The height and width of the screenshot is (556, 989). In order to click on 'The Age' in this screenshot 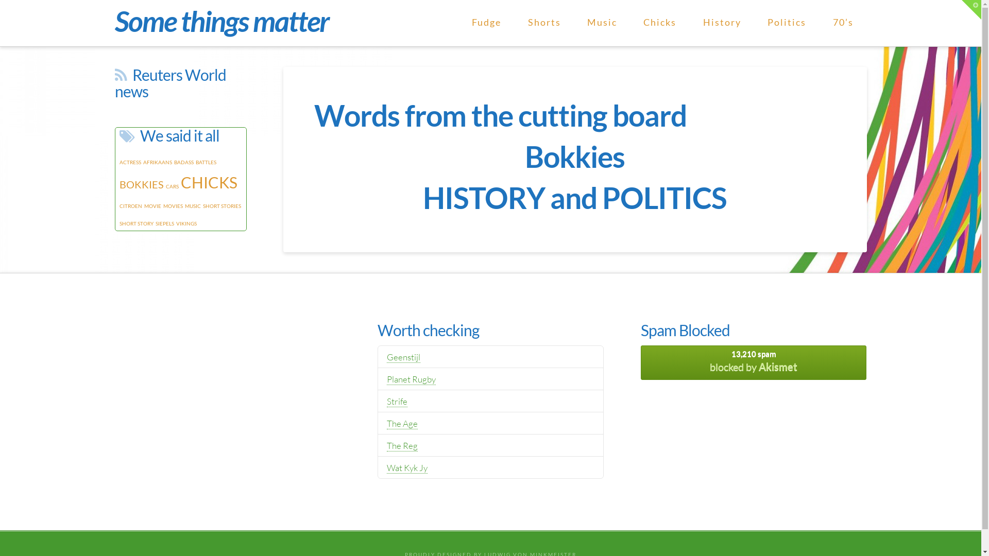, I will do `click(402, 423)`.